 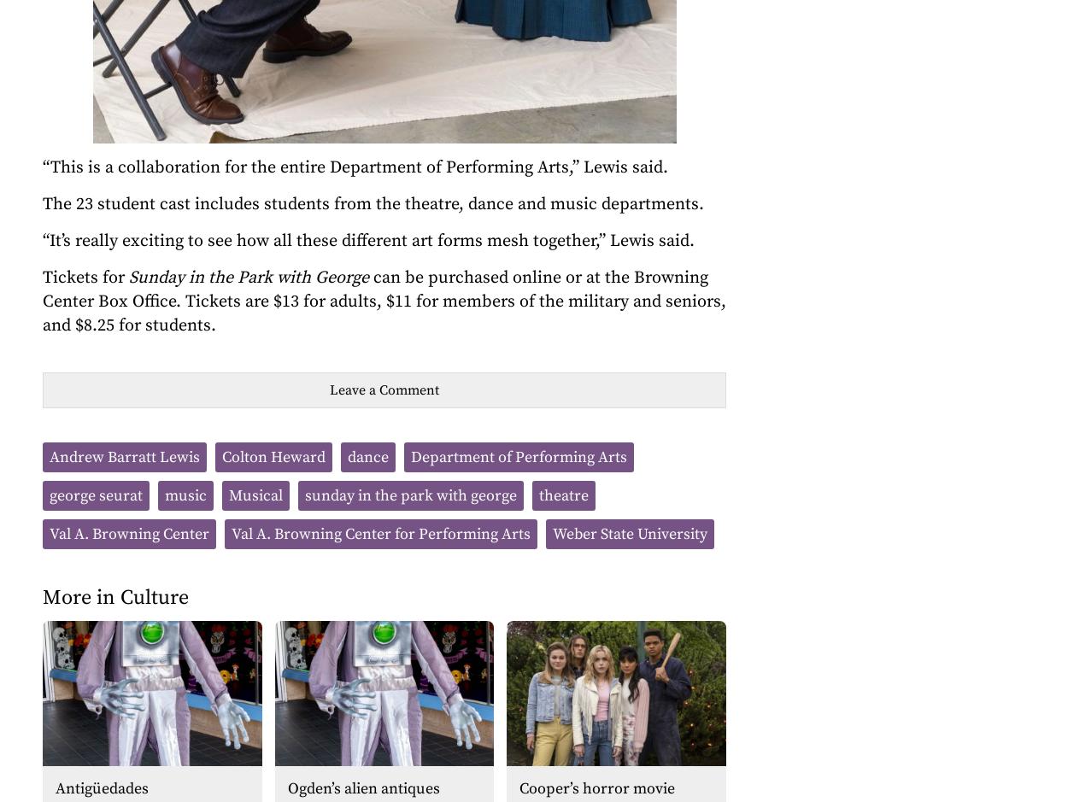 I want to click on 'Musical', so click(x=255, y=495).